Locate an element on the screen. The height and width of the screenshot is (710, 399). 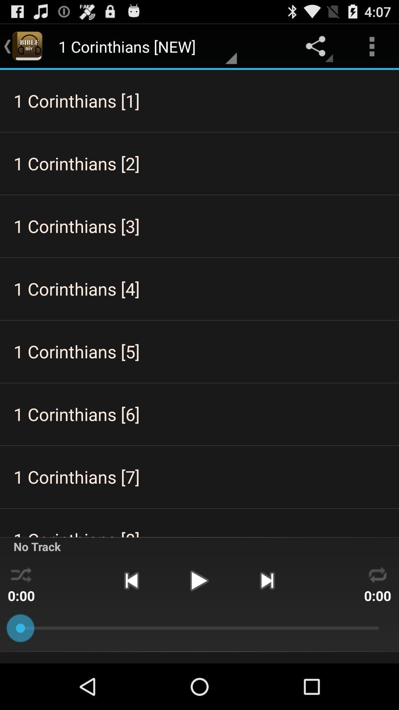
the play icon is located at coordinates (199, 621).